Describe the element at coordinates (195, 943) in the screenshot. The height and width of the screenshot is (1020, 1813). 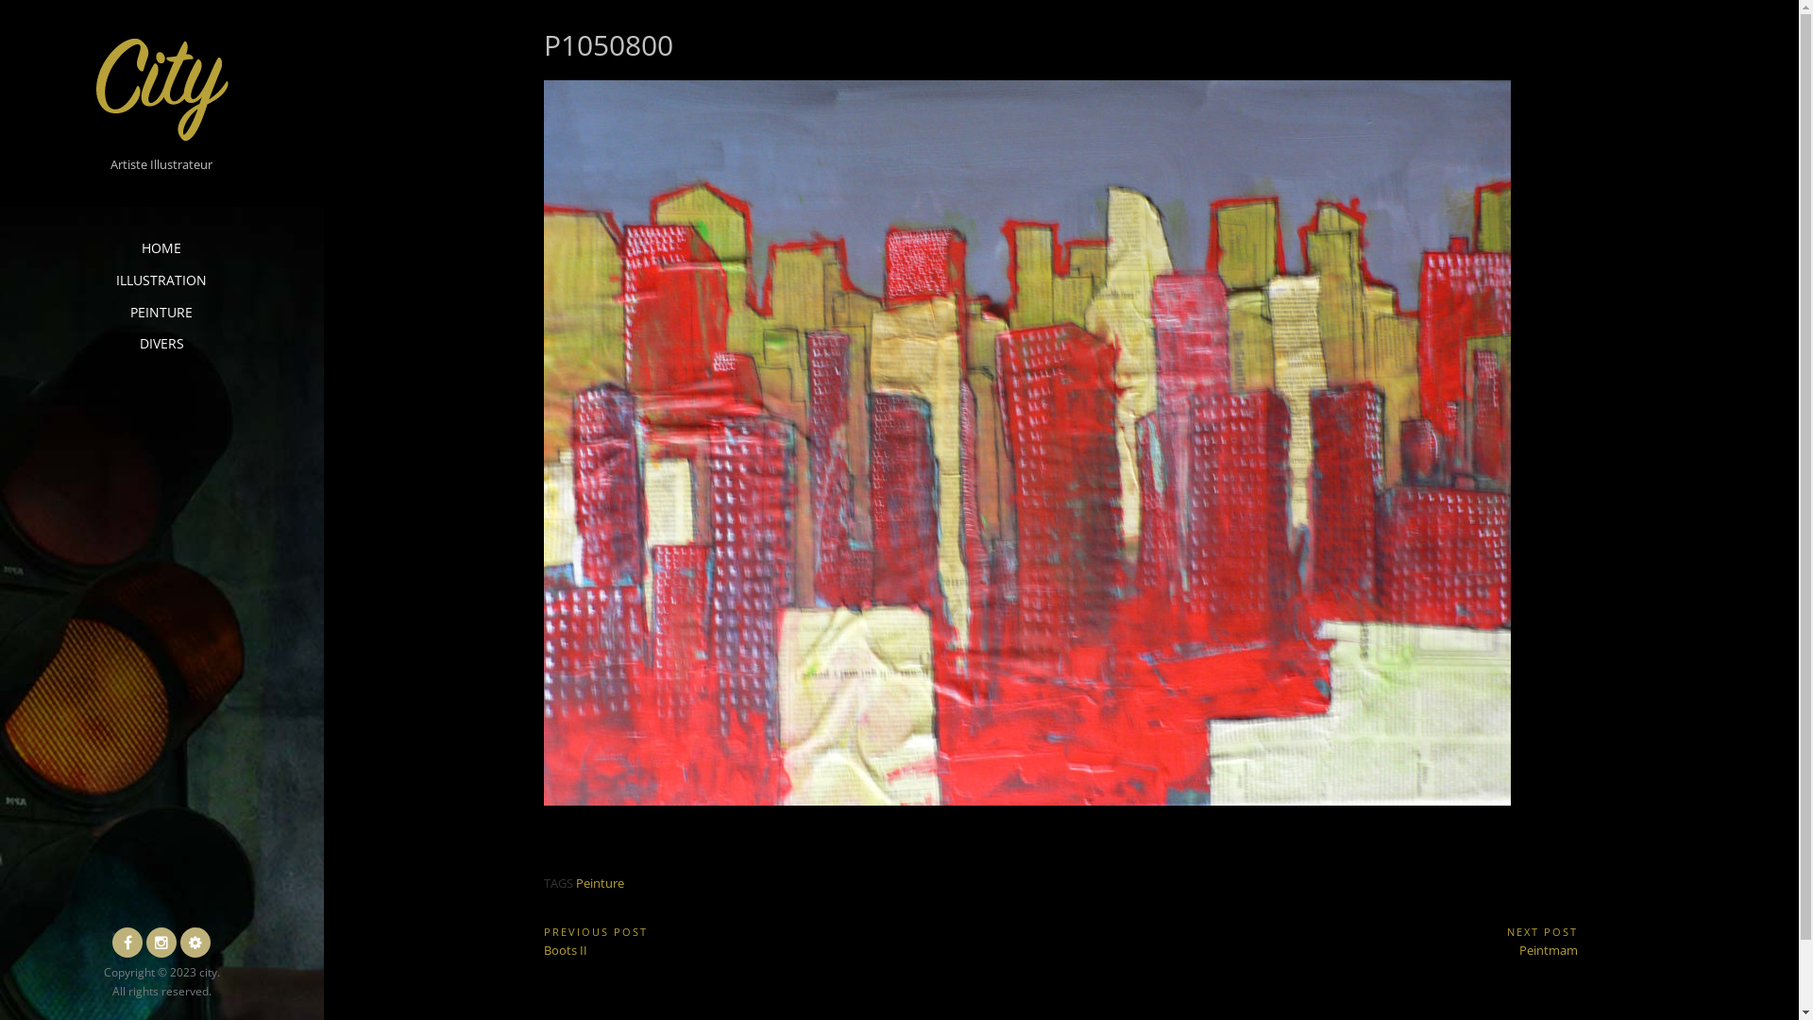
I see `'PBK9'` at that location.